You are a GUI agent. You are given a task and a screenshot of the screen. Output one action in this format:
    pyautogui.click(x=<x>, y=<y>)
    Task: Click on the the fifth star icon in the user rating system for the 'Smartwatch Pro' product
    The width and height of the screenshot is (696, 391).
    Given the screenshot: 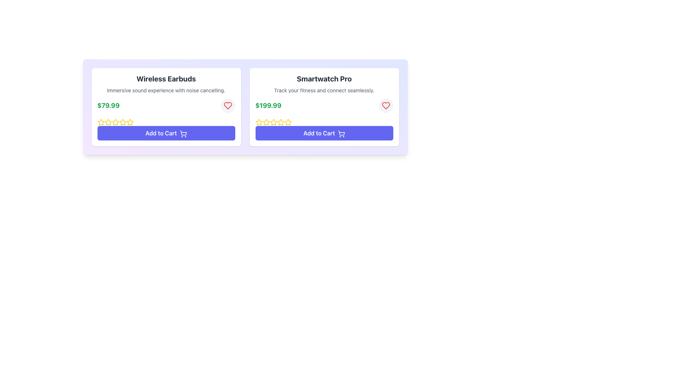 What is the action you would take?
    pyautogui.click(x=287, y=122)
    